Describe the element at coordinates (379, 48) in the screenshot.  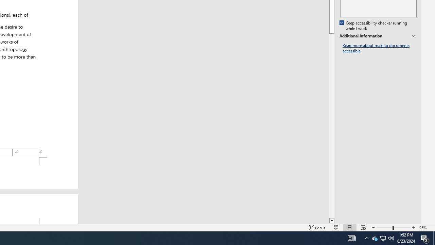
I see `'Read more about making documents accessible'` at that location.